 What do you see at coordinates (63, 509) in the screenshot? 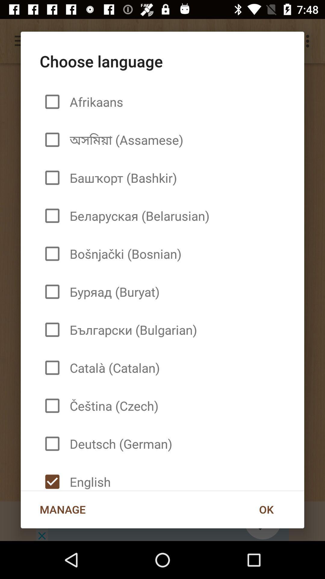
I see `manage` at bounding box center [63, 509].